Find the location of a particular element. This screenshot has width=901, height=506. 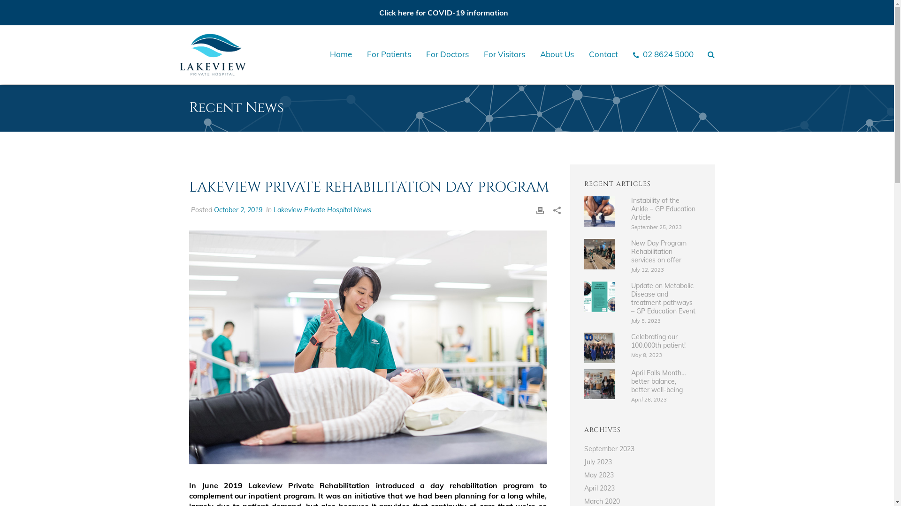

'02 8624 5000' is located at coordinates (663, 54).